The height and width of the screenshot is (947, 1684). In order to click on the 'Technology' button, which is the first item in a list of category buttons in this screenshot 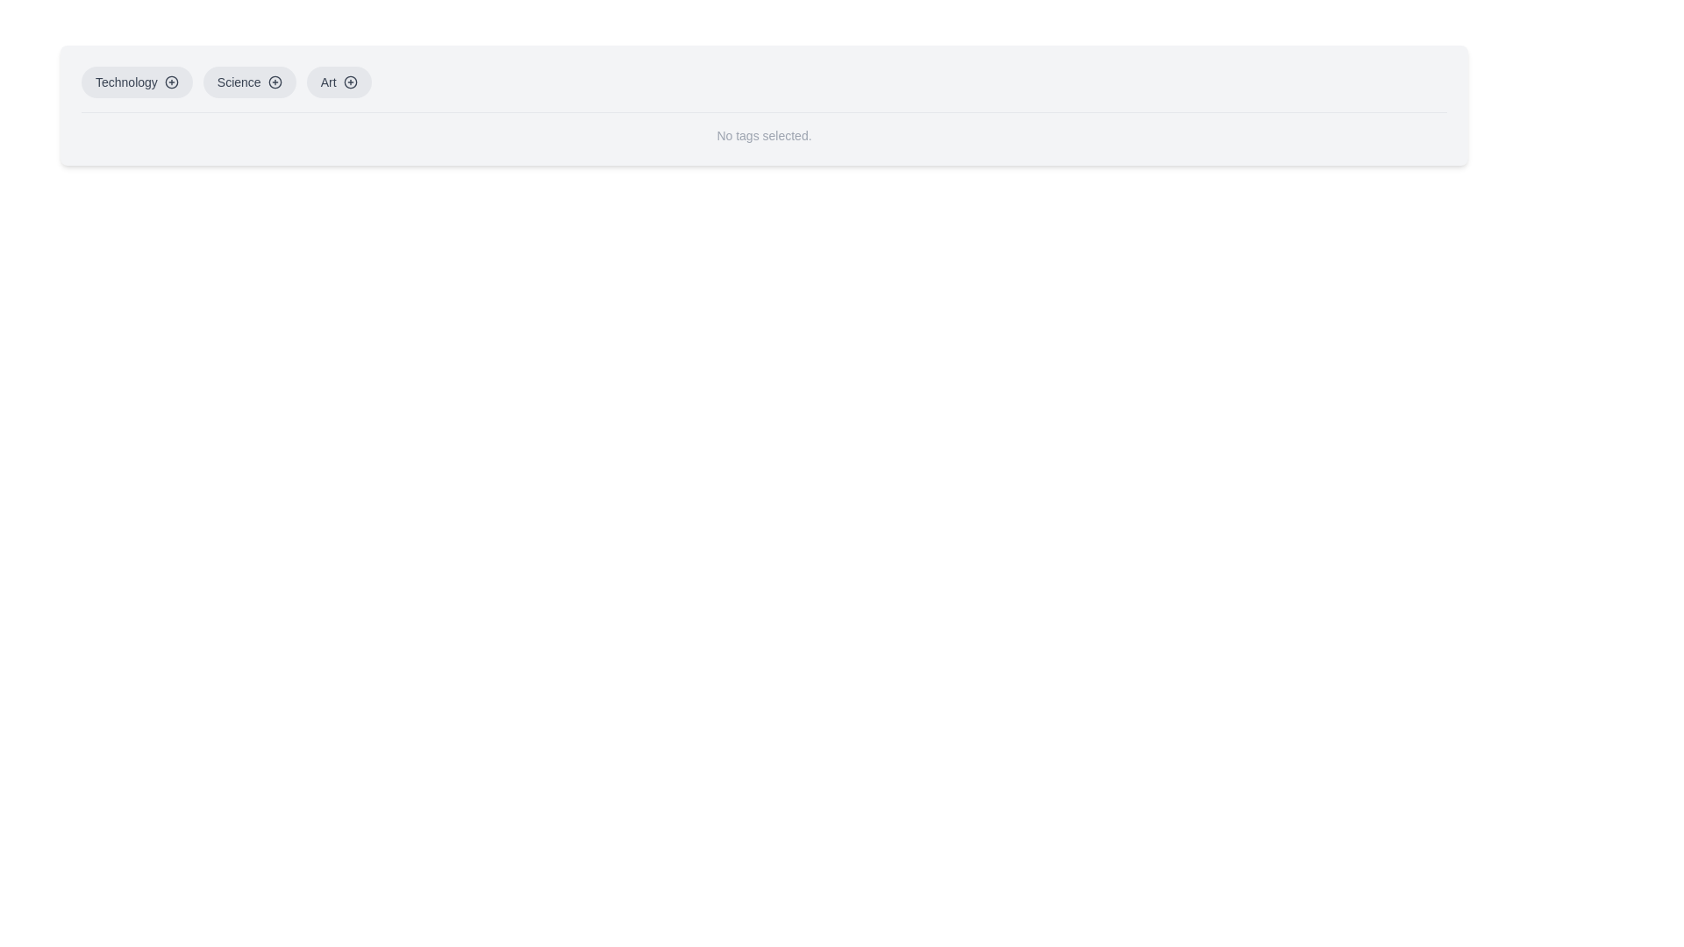, I will do `click(136, 82)`.